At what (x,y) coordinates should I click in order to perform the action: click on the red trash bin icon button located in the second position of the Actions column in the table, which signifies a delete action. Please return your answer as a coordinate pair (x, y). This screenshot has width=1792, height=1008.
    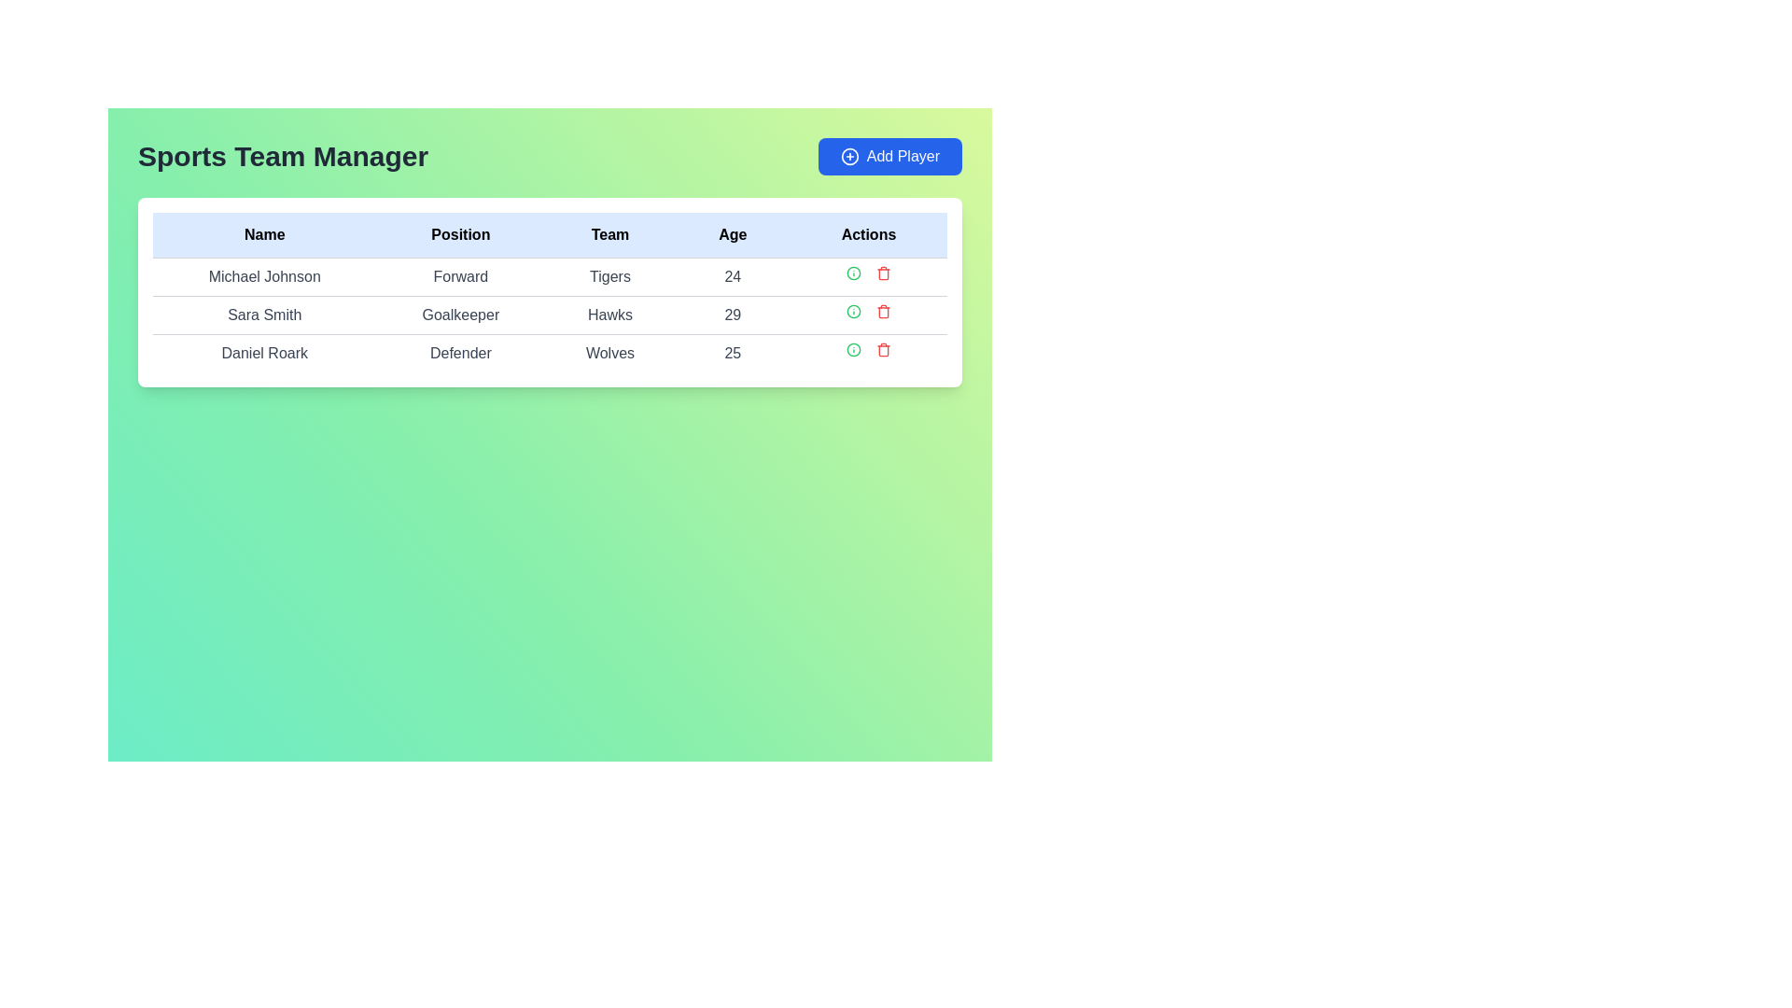
    Looking at the image, I should click on (882, 273).